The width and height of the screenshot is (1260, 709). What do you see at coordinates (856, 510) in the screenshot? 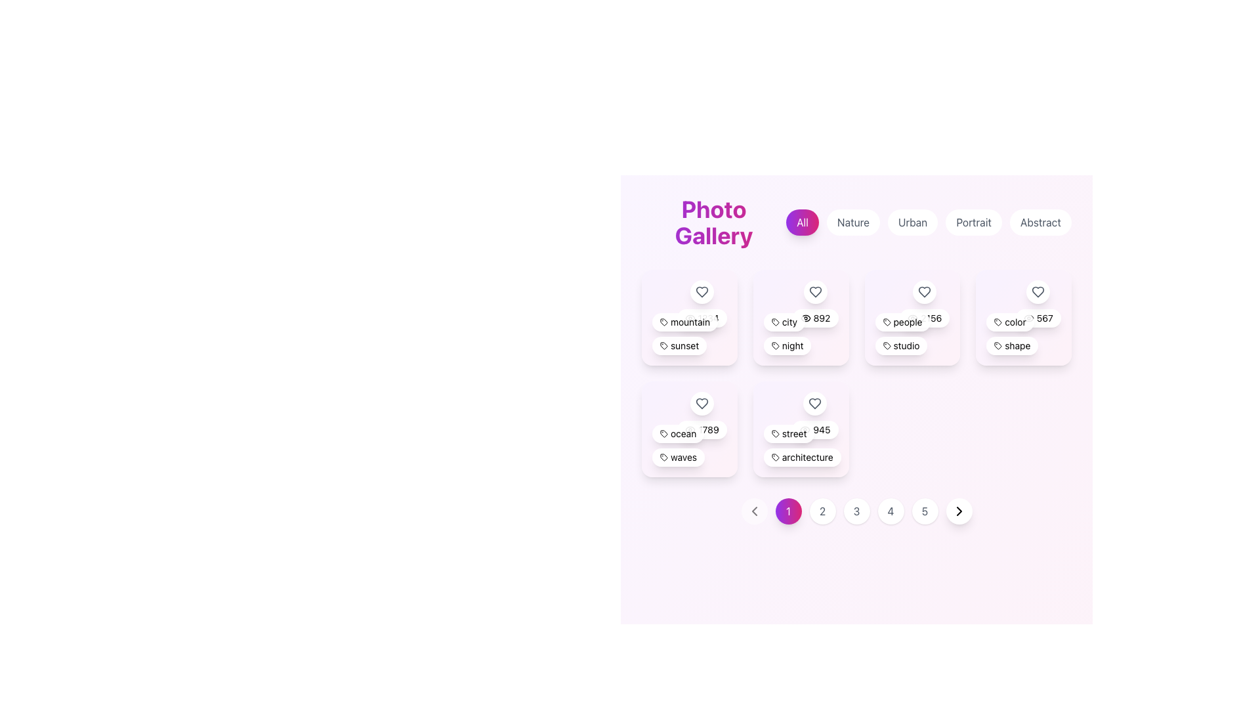
I see `the third circular button` at bounding box center [856, 510].